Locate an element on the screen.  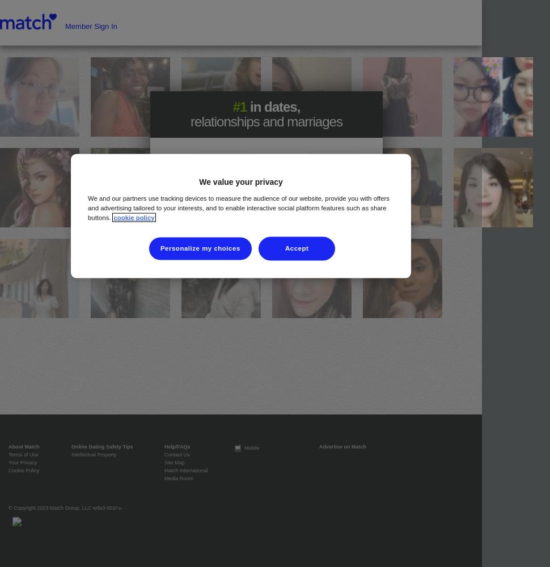
'looking for a' is located at coordinates (278, 162).